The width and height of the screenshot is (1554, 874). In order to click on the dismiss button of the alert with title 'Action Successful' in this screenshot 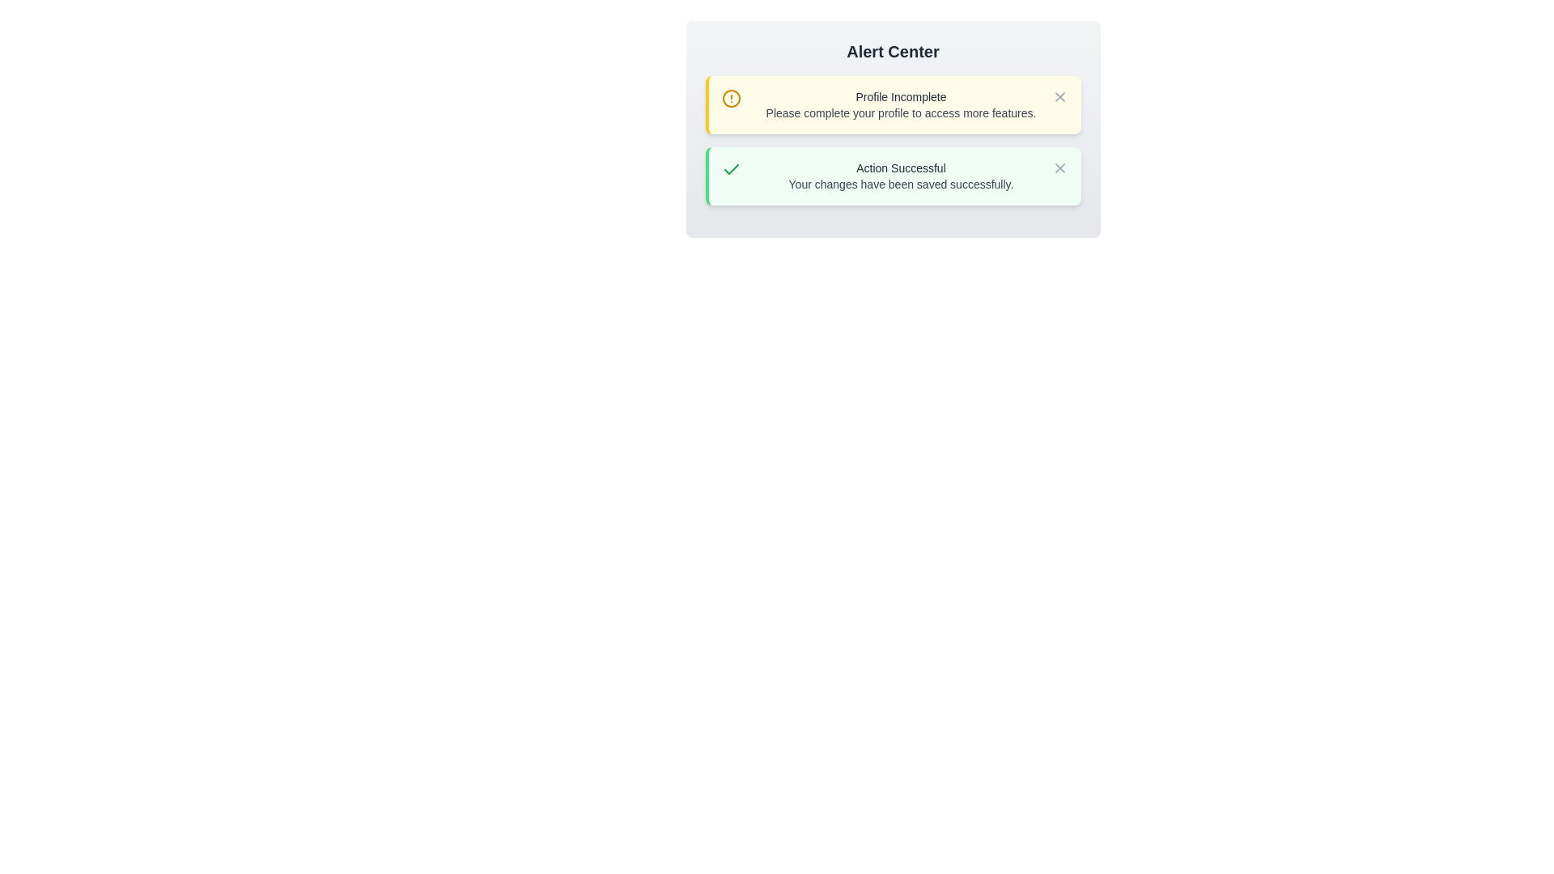, I will do `click(1059, 168)`.